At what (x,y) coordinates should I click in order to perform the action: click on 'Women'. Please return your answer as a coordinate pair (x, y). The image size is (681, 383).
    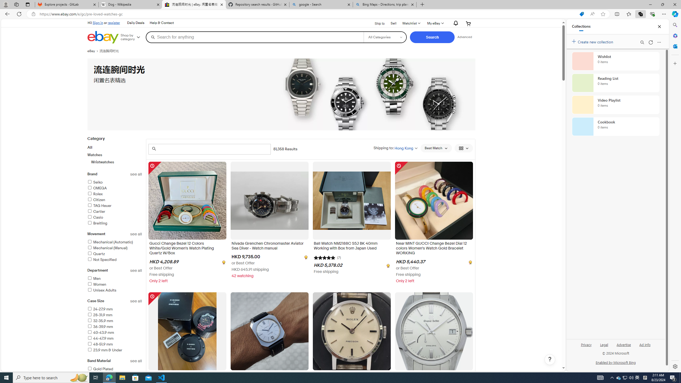
    Looking at the image, I should click on (115, 284).